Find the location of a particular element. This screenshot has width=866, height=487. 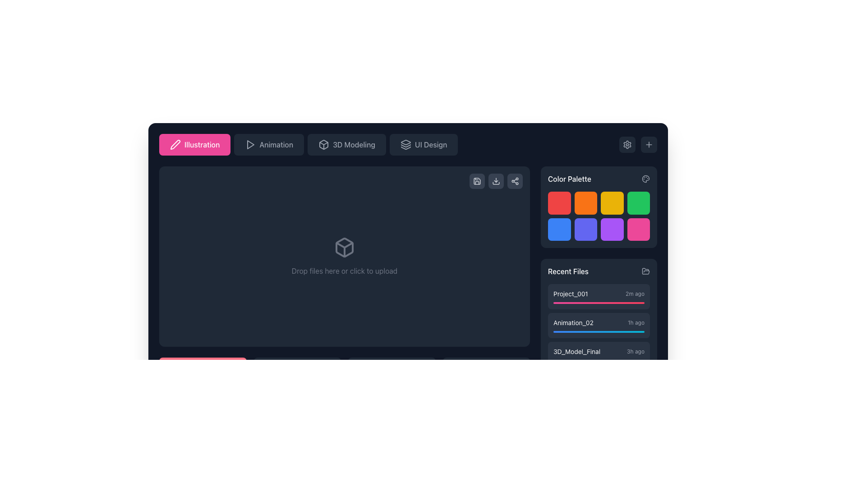

the 'Animation' button is located at coordinates (268, 144).